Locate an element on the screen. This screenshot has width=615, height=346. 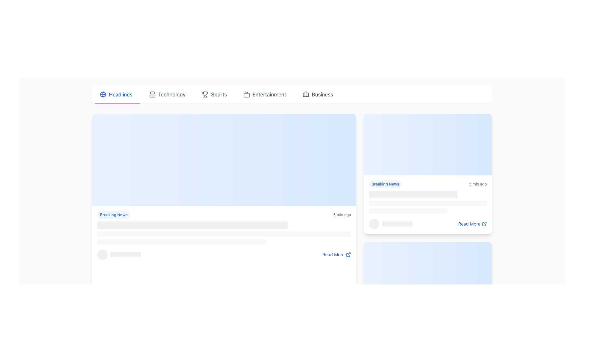
the Indicator bar located at the bottom of the 'Headlines' tab by moving the cursor to its center point is located at coordinates (117, 103).